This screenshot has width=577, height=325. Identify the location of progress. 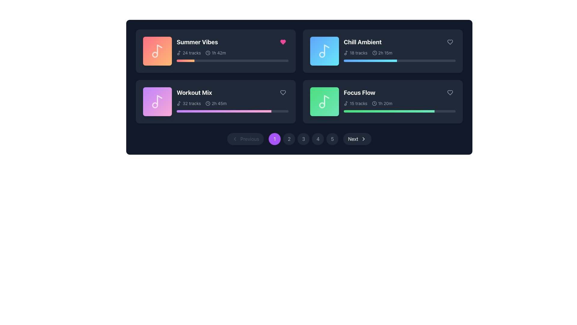
(264, 111).